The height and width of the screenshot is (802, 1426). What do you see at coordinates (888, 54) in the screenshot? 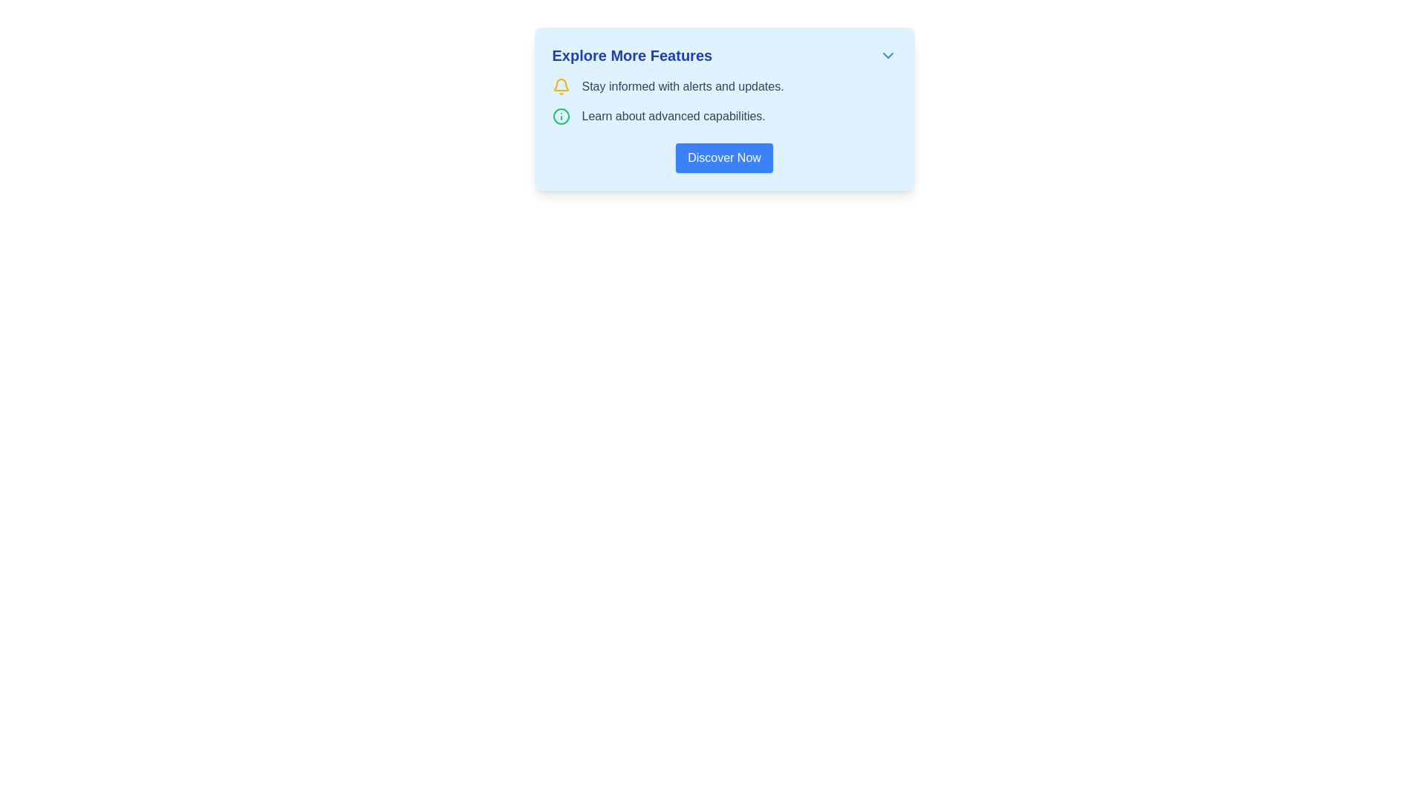
I see `the downward-pointing blue chevron icon located to the right of the text 'Explore More Features'` at bounding box center [888, 54].